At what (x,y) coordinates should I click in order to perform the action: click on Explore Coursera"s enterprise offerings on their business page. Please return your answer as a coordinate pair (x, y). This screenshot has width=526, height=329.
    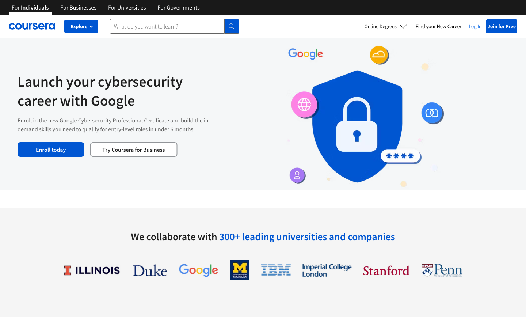
    Looking at the image, I should click on (78, 7).